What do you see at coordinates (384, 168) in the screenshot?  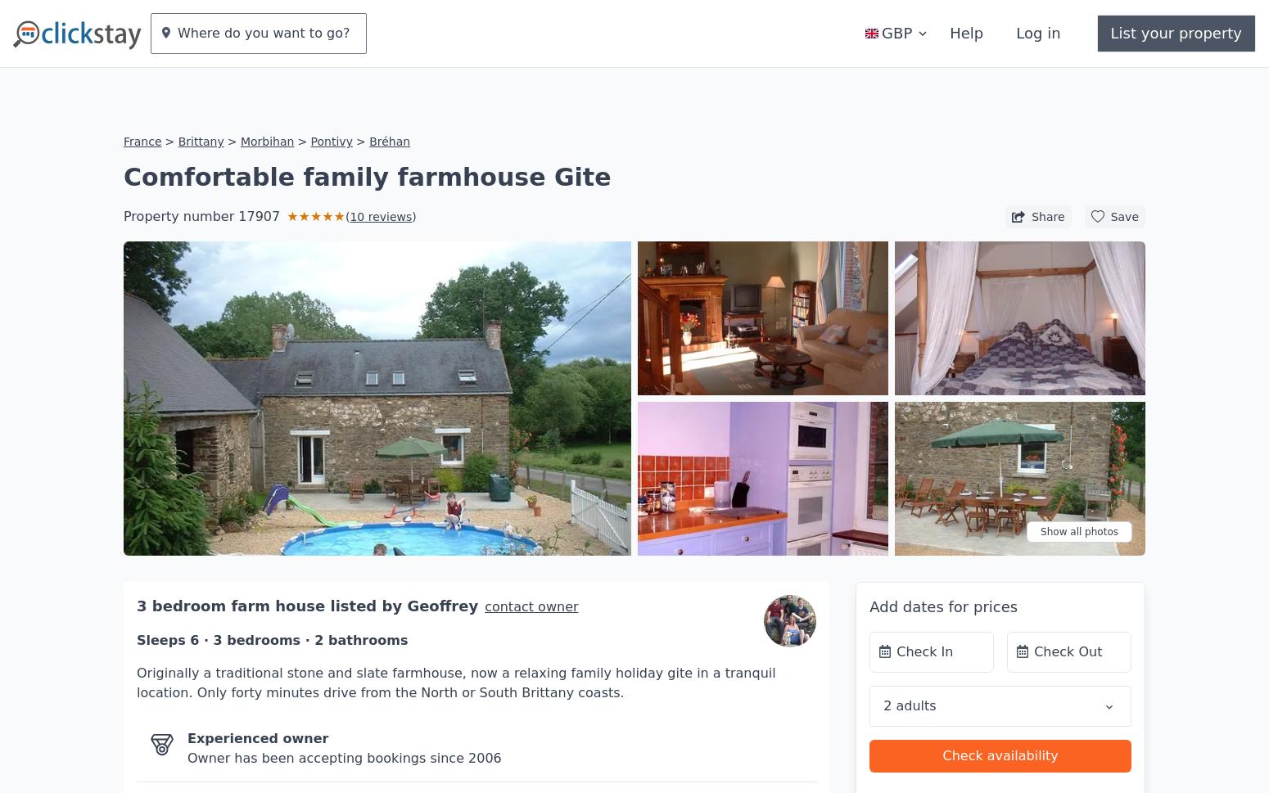 I see `'review'` at bounding box center [384, 168].